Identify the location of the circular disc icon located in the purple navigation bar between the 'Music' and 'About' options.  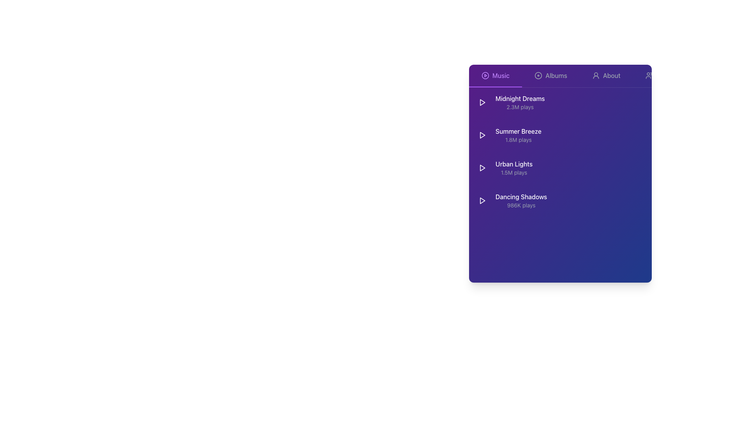
(538, 75).